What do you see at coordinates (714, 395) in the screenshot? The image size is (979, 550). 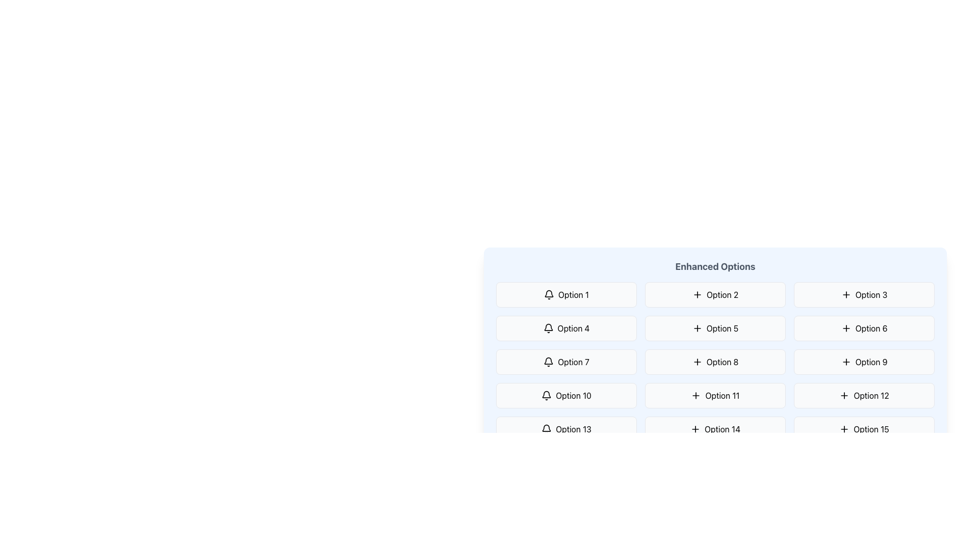 I see `the button labeled 'Option 11' in the central column of the fourth row in the 'Enhanced Options' grid` at bounding box center [714, 395].